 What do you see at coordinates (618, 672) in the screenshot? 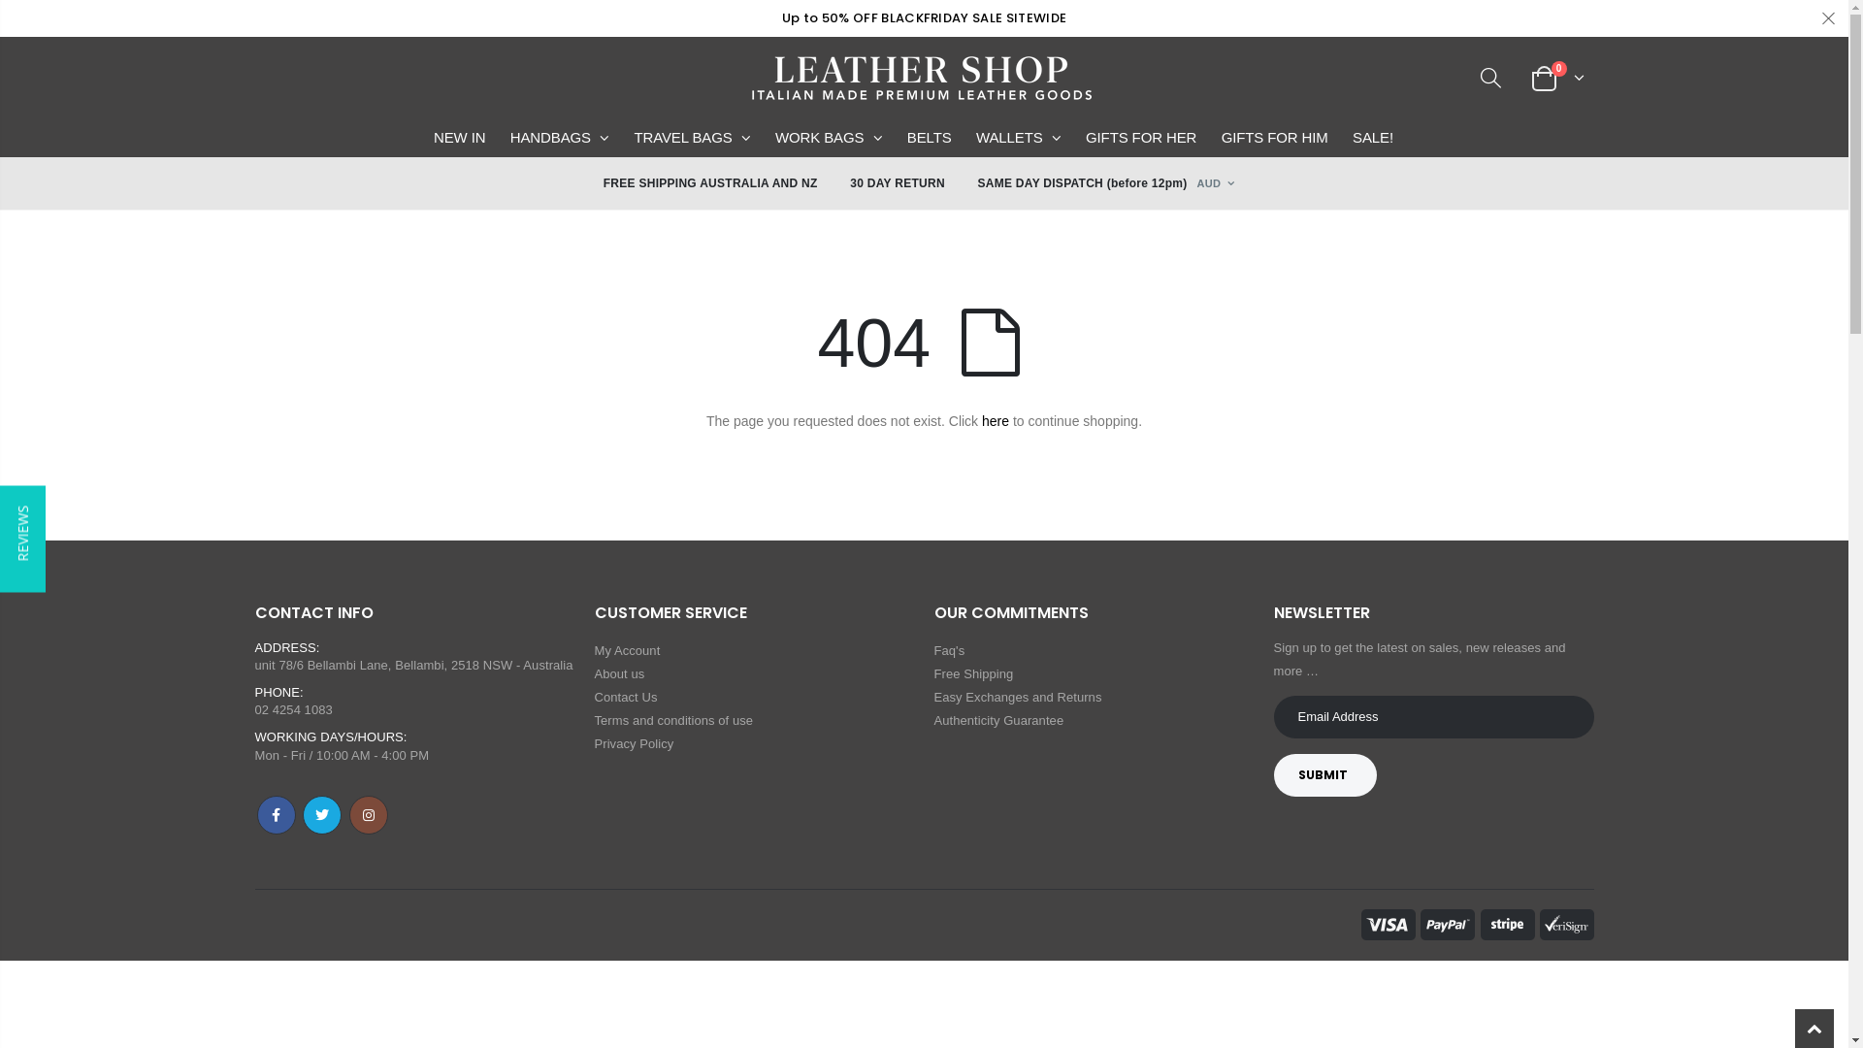
I see `'About us'` at bounding box center [618, 672].